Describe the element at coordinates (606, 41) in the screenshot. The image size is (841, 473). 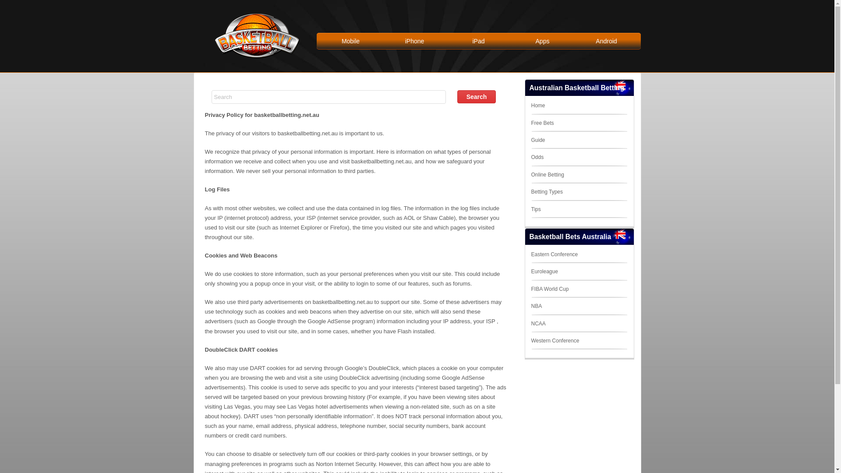
I see `'Android'` at that location.